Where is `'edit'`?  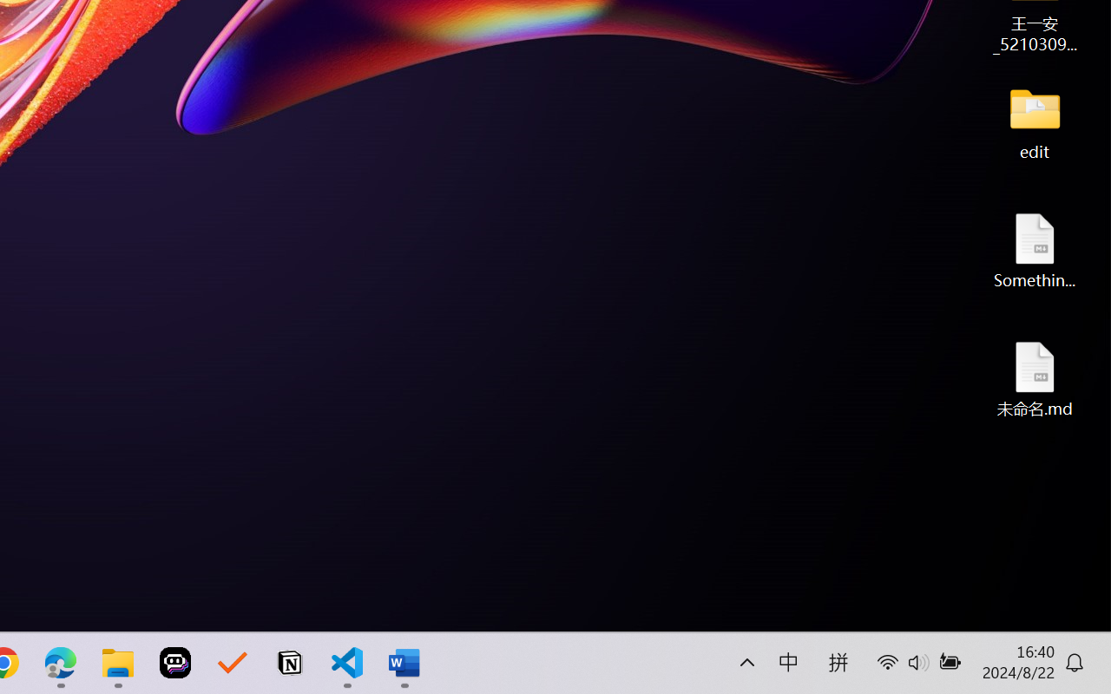 'edit' is located at coordinates (1035, 121).